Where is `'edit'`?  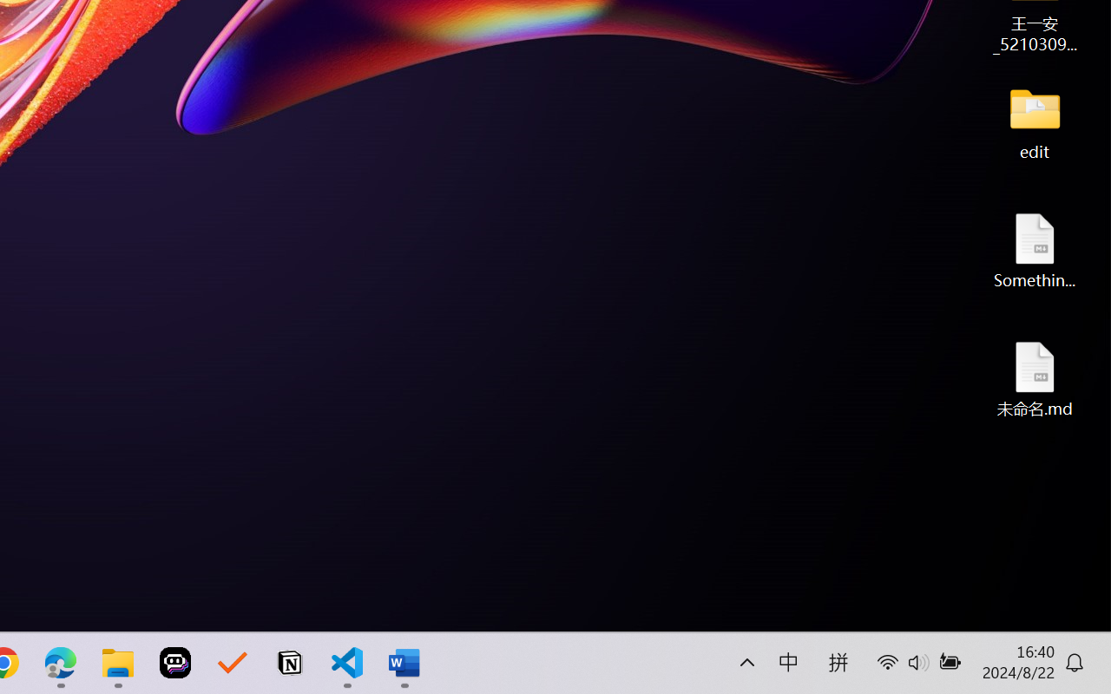 'edit' is located at coordinates (1035, 121).